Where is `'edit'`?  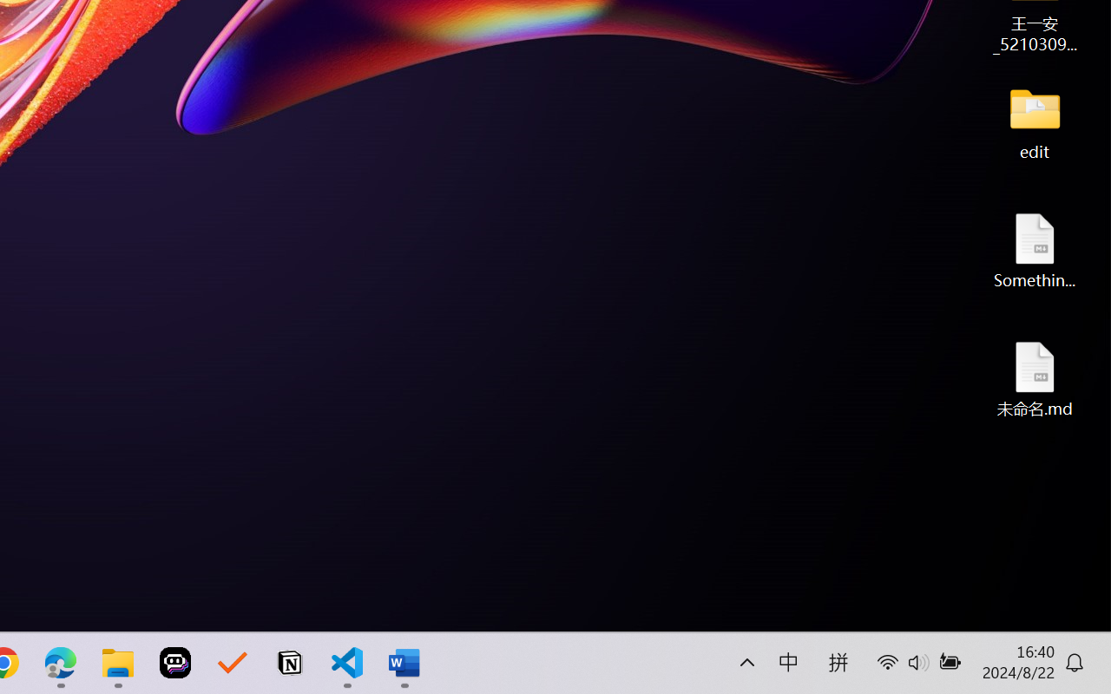 'edit' is located at coordinates (1035, 121).